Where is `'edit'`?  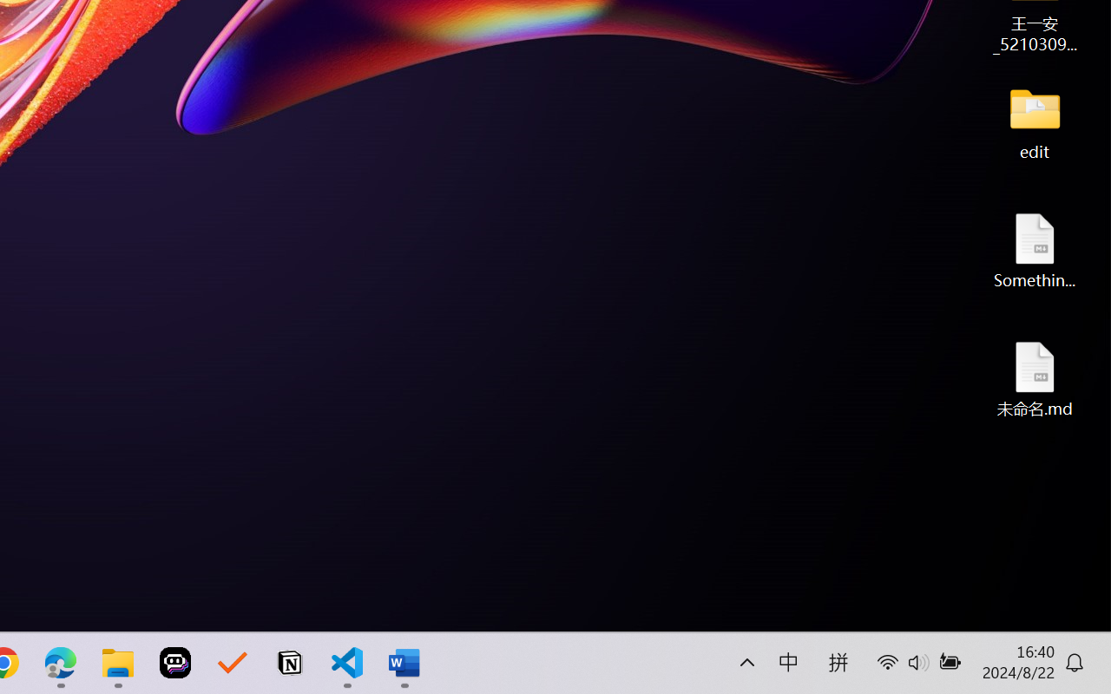 'edit' is located at coordinates (1035, 121).